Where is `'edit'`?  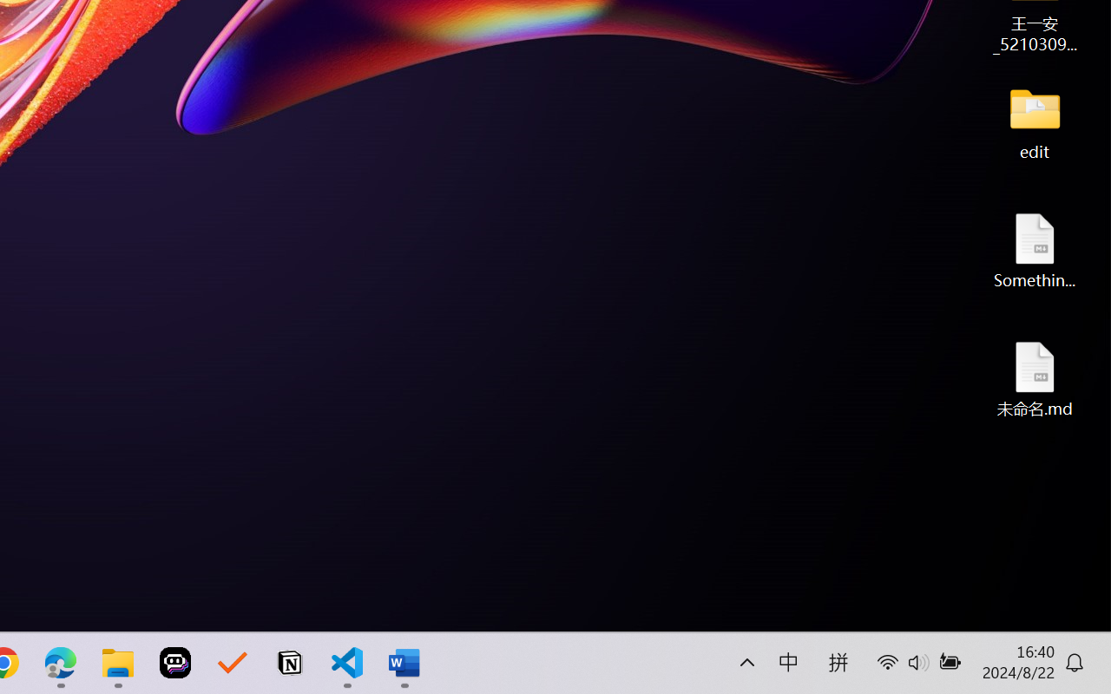 'edit' is located at coordinates (1035, 121).